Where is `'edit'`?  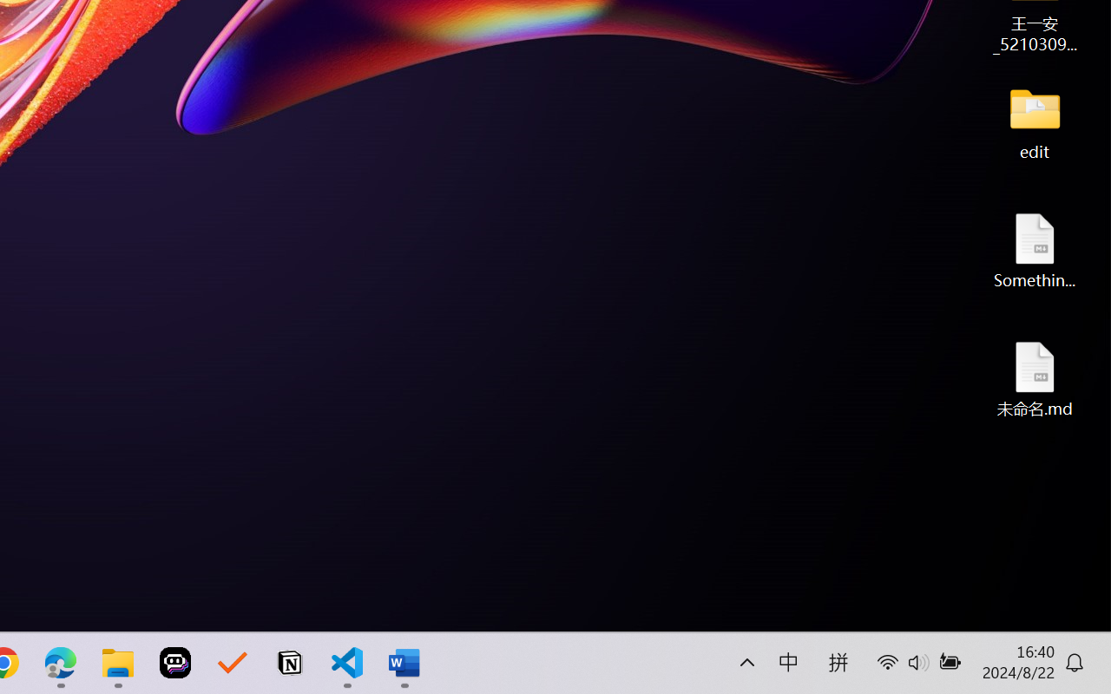 'edit' is located at coordinates (1035, 121).